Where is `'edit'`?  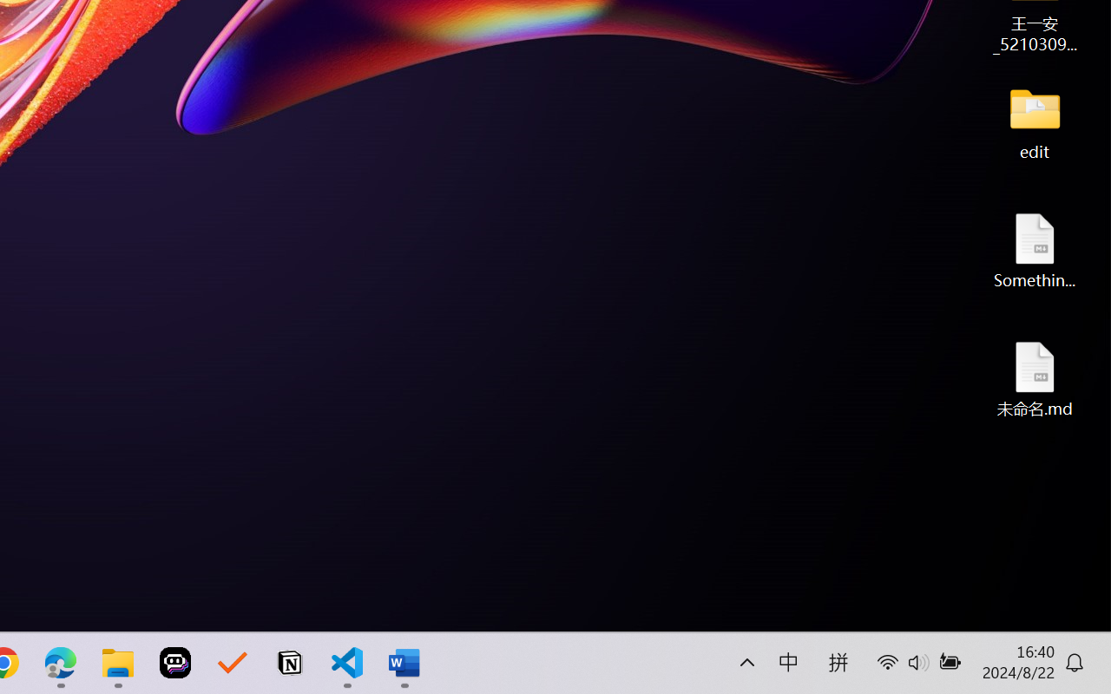 'edit' is located at coordinates (1035, 121).